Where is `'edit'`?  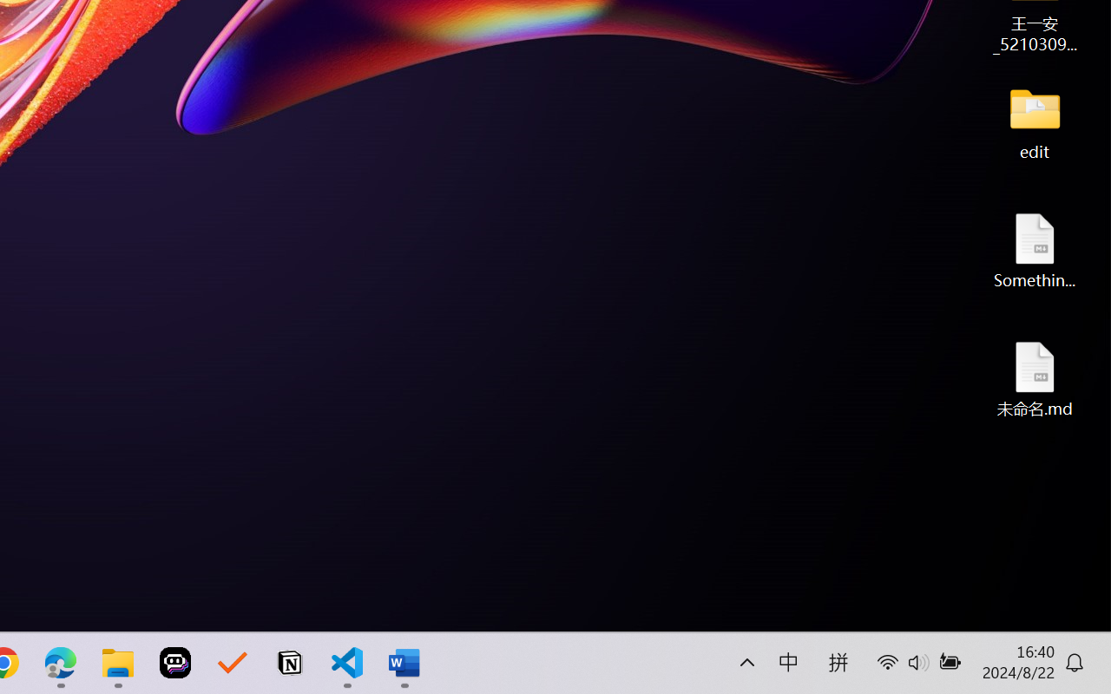 'edit' is located at coordinates (1035, 121).